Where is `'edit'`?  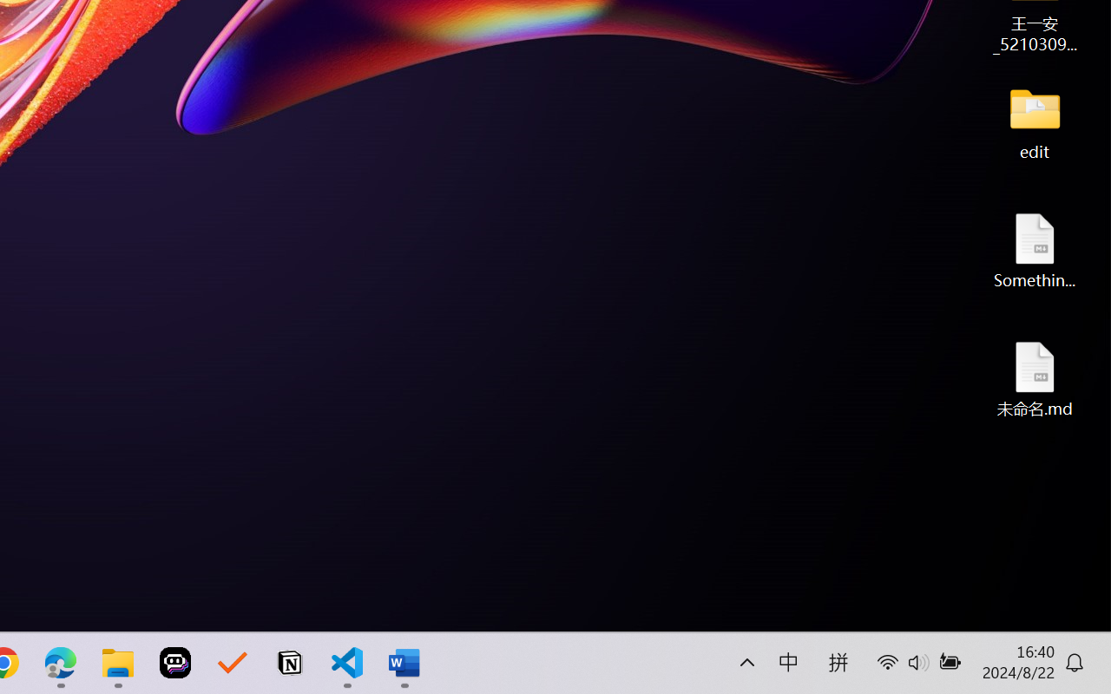 'edit' is located at coordinates (1035, 121).